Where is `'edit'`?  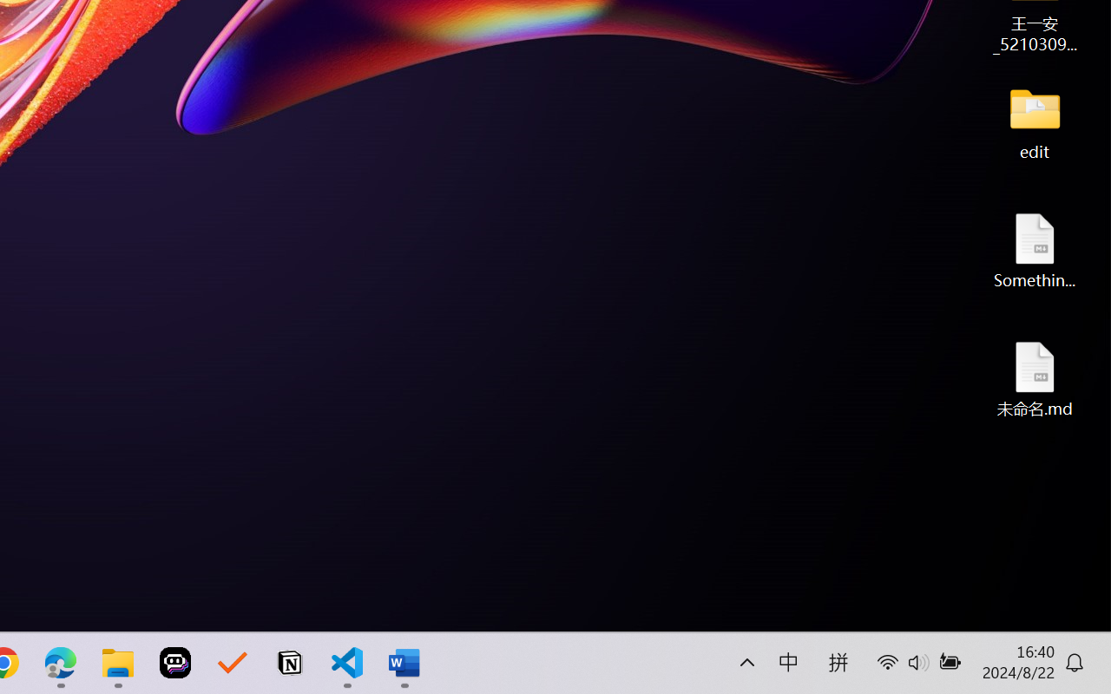 'edit' is located at coordinates (1035, 121).